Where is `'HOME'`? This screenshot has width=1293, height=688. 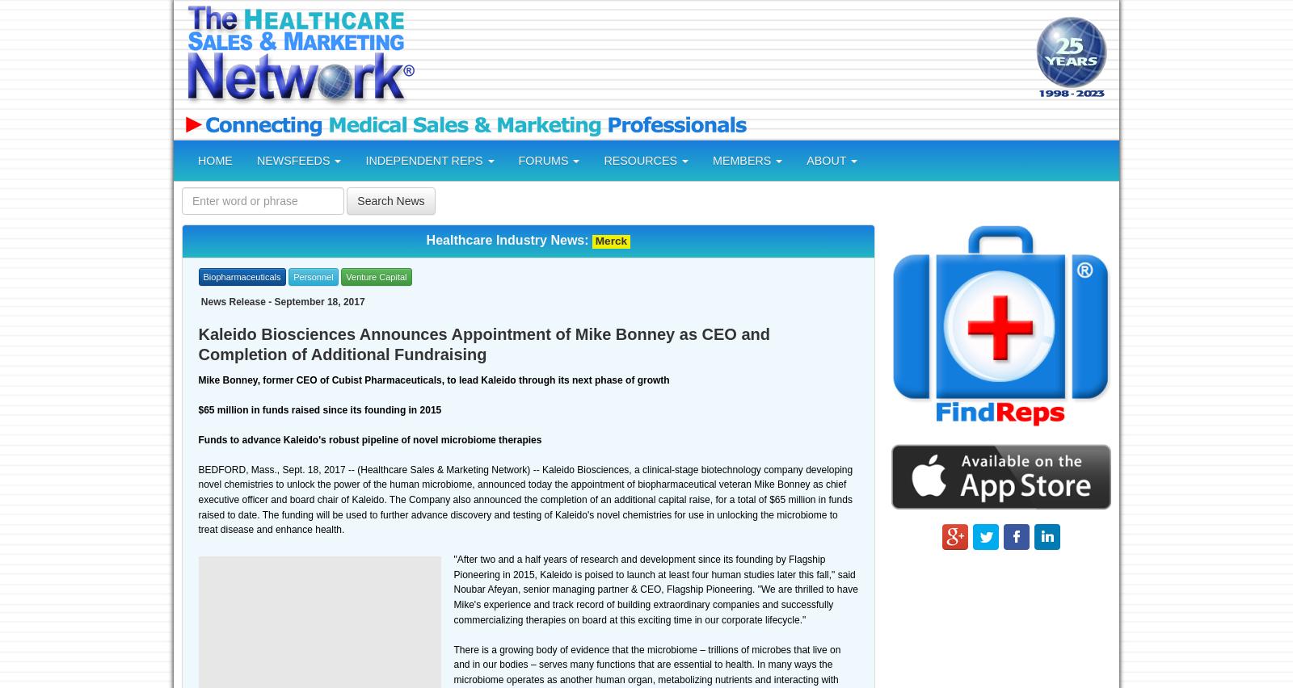
'HOME' is located at coordinates (215, 161).